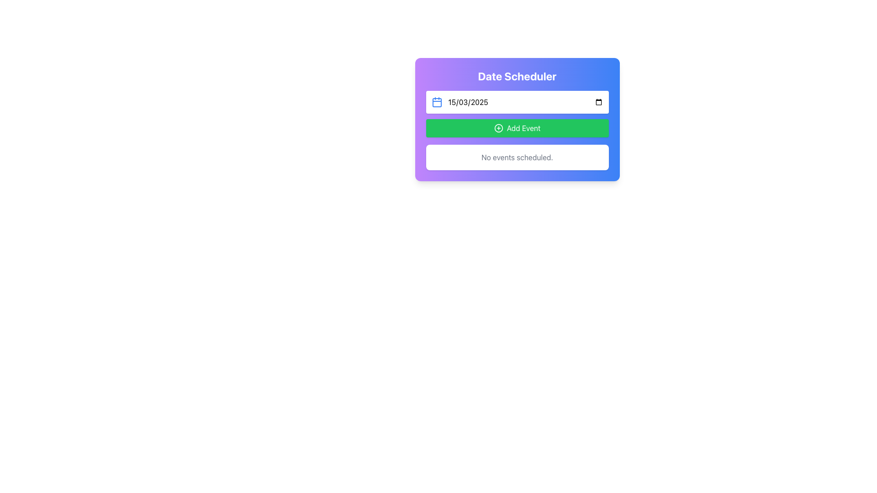  Describe the element at coordinates (436, 102) in the screenshot. I see `the rounded rectangle calendar icon component located to the left of the input field under the 'Date Scheduler' header` at that location.